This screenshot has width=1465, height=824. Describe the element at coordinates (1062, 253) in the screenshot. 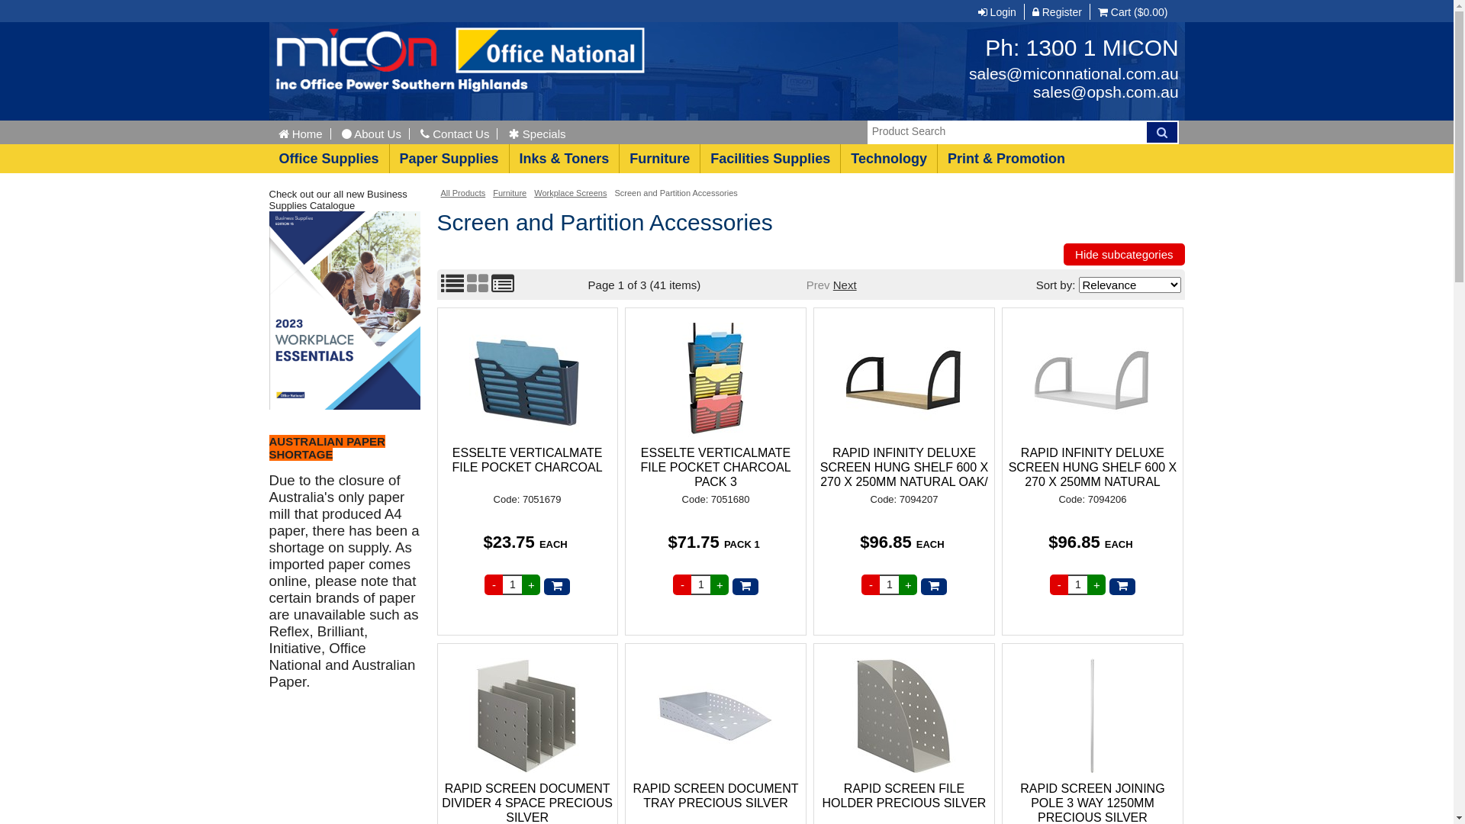

I see `'Hide subcategories'` at that location.